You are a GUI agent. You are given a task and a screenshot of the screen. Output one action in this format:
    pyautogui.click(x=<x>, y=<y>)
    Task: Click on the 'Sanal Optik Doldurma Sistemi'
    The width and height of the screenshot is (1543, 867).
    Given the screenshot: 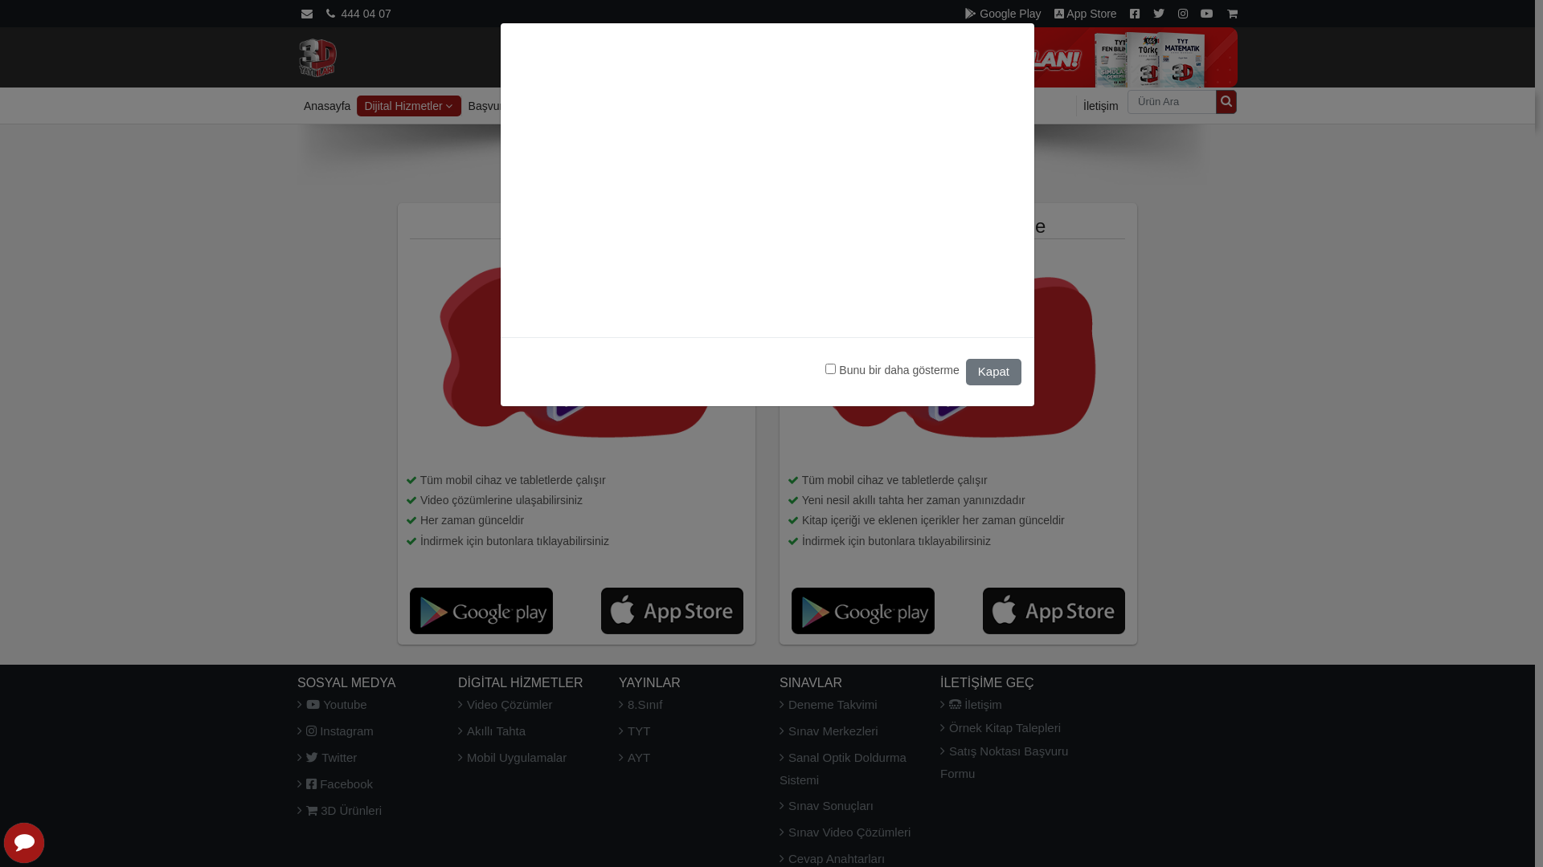 What is the action you would take?
    pyautogui.click(x=842, y=767)
    